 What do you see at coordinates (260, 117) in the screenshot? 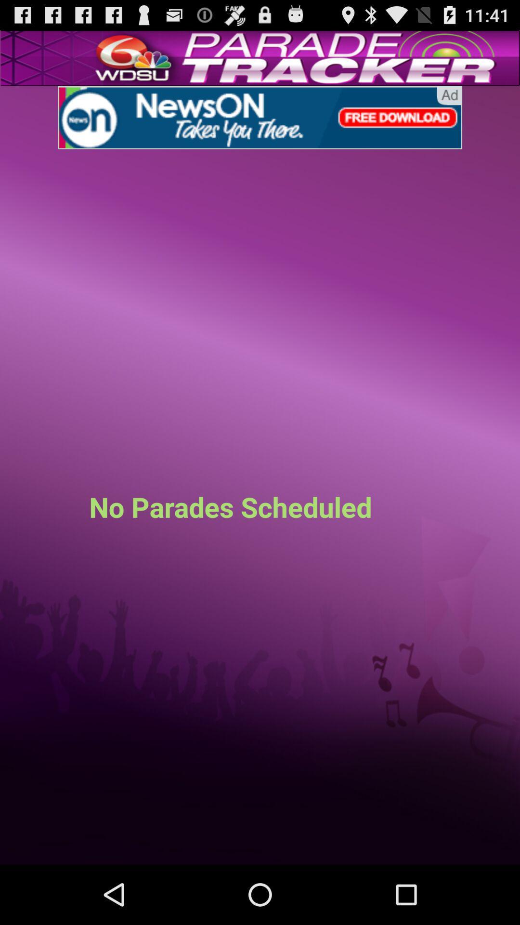
I see `page` at bounding box center [260, 117].